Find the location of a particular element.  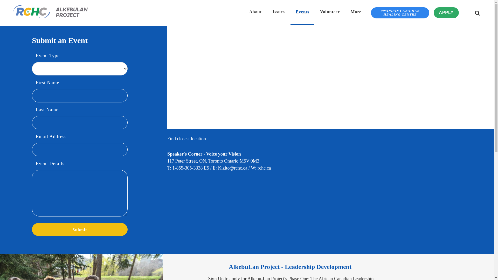

'RWANDAN CANADIAN HEALING CENTRE' is located at coordinates (400, 12).